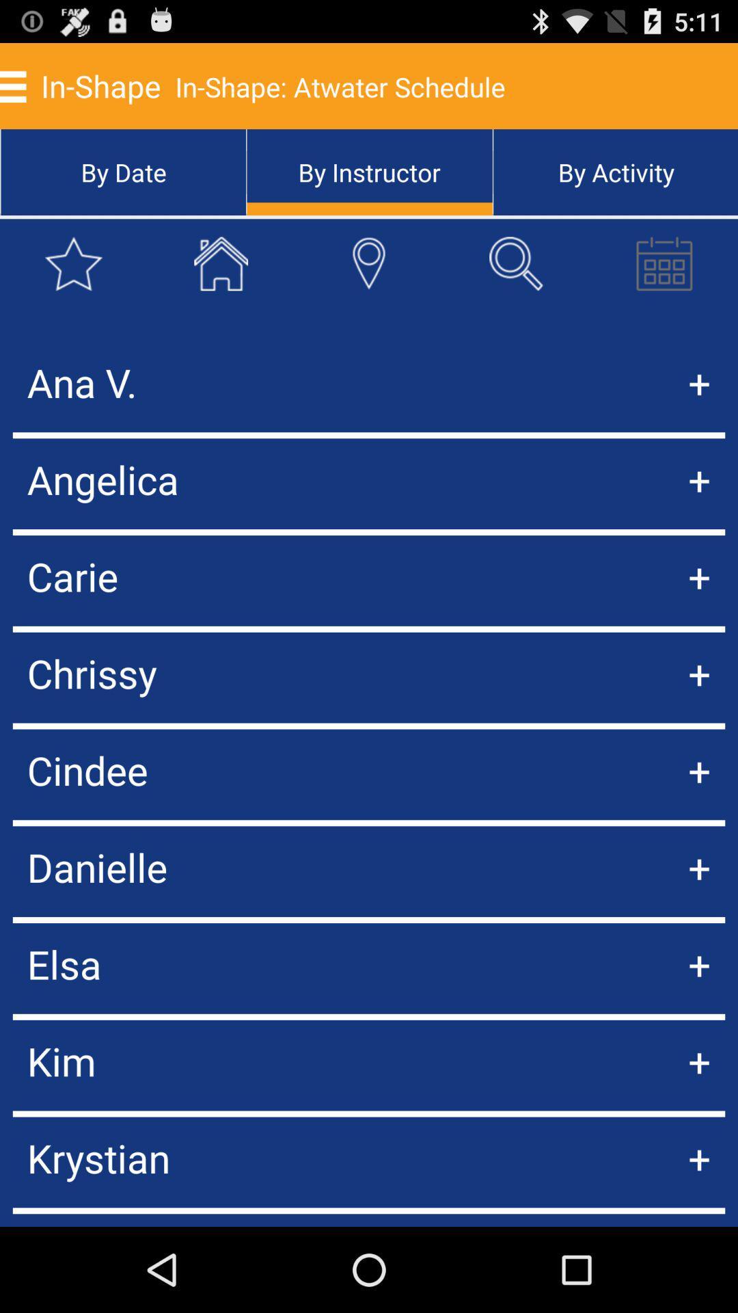 The image size is (738, 1313). I want to click on the date_range icon, so click(664, 281).